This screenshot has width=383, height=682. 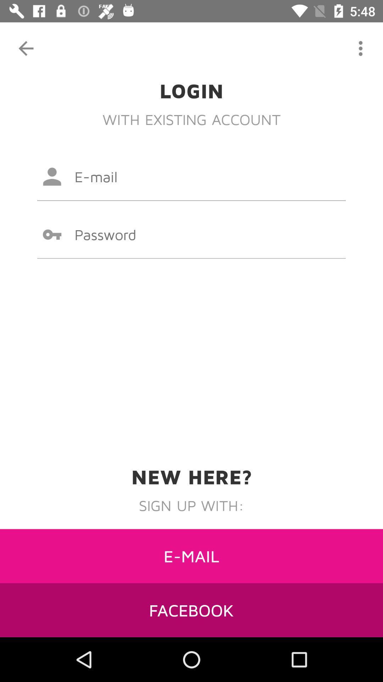 What do you see at coordinates (191, 234) in the screenshot?
I see `click password` at bounding box center [191, 234].